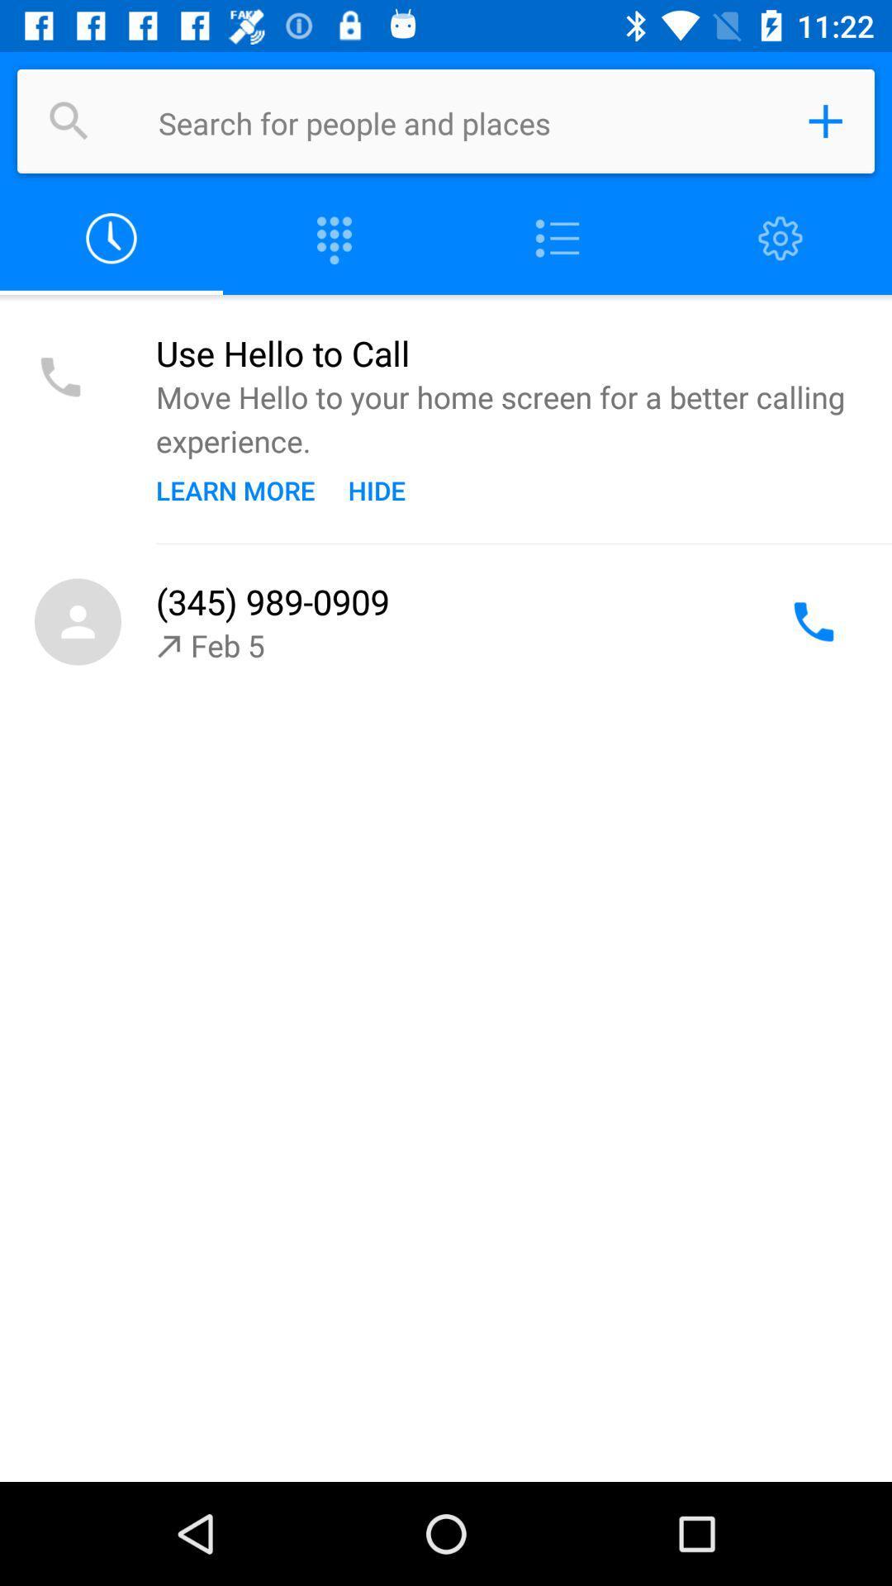 Image resolution: width=892 pixels, height=1586 pixels. Describe the element at coordinates (111, 238) in the screenshot. I see `switch to log` at that location.